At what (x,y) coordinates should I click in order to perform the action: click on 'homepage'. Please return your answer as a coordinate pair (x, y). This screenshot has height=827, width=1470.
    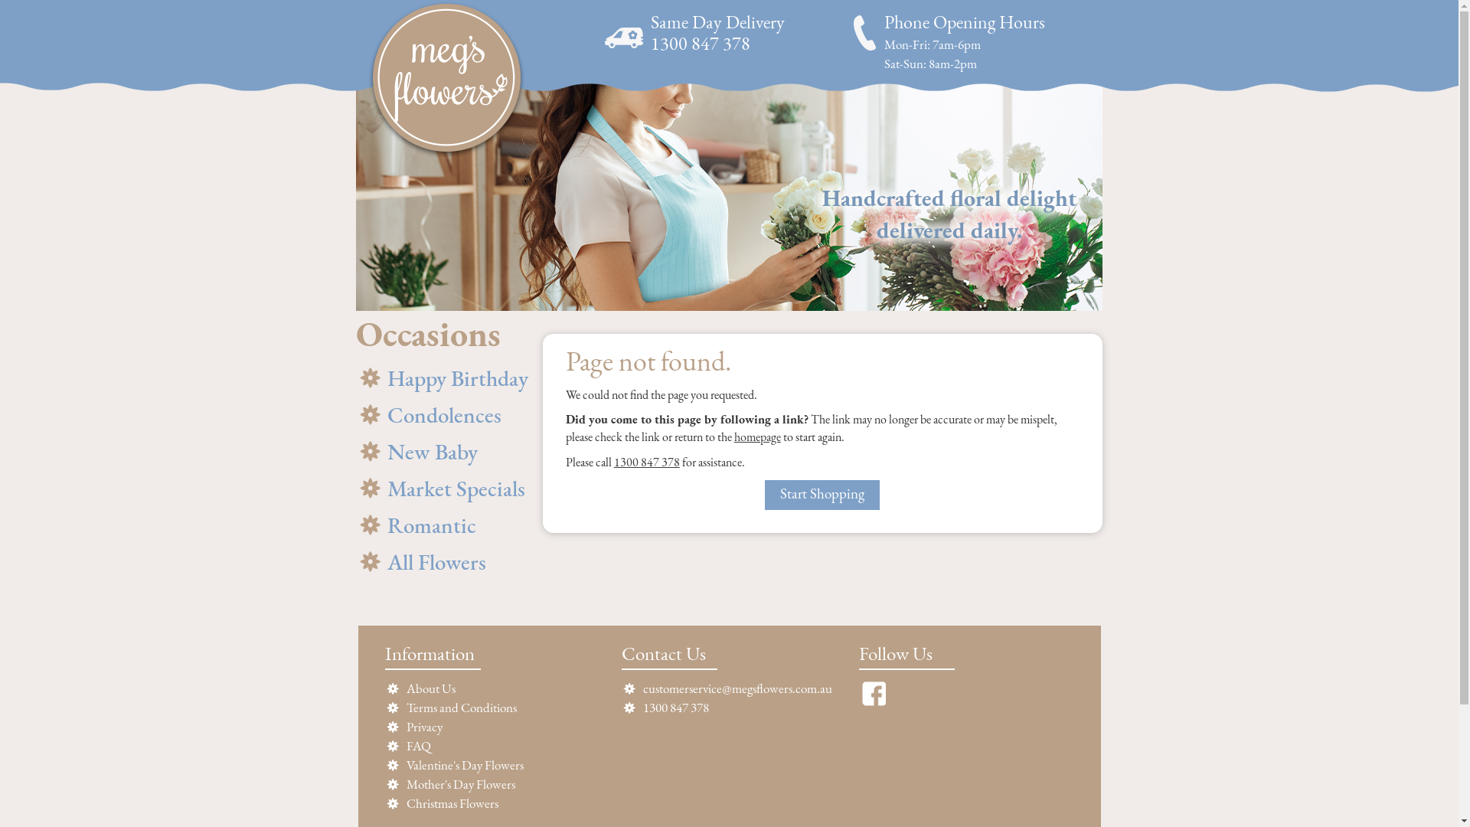
    Looking at the image, I should click on (757, 437).